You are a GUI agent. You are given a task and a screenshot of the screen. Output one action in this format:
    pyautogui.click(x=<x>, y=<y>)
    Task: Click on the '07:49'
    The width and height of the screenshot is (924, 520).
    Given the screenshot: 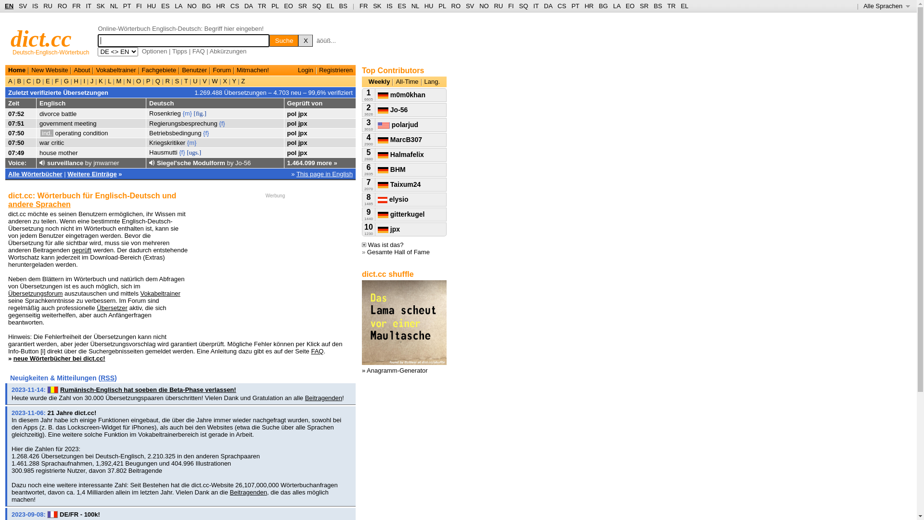 What is the action you would take?
    pyautogui.click(x=16, y=152)
    